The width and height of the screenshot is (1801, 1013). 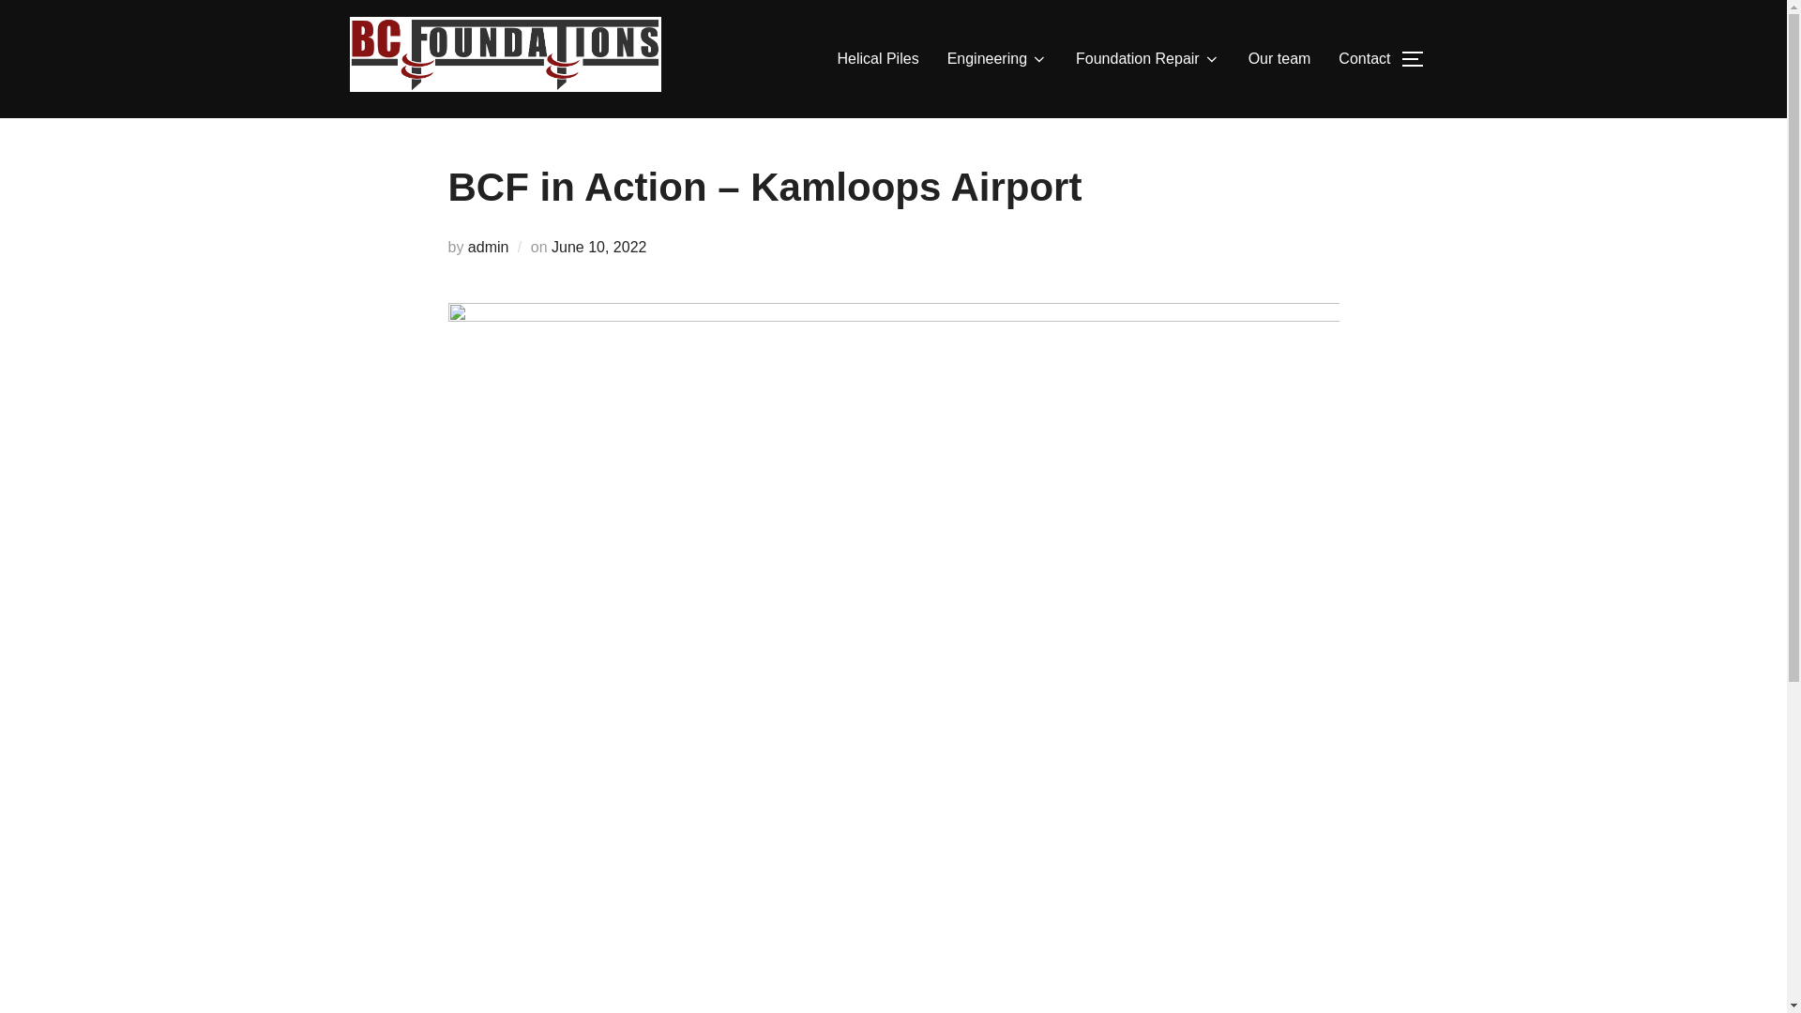 What do you see at coordinates (468, 246) in the screenshot?
I see `'admin'` at bounding box center [468, 246].